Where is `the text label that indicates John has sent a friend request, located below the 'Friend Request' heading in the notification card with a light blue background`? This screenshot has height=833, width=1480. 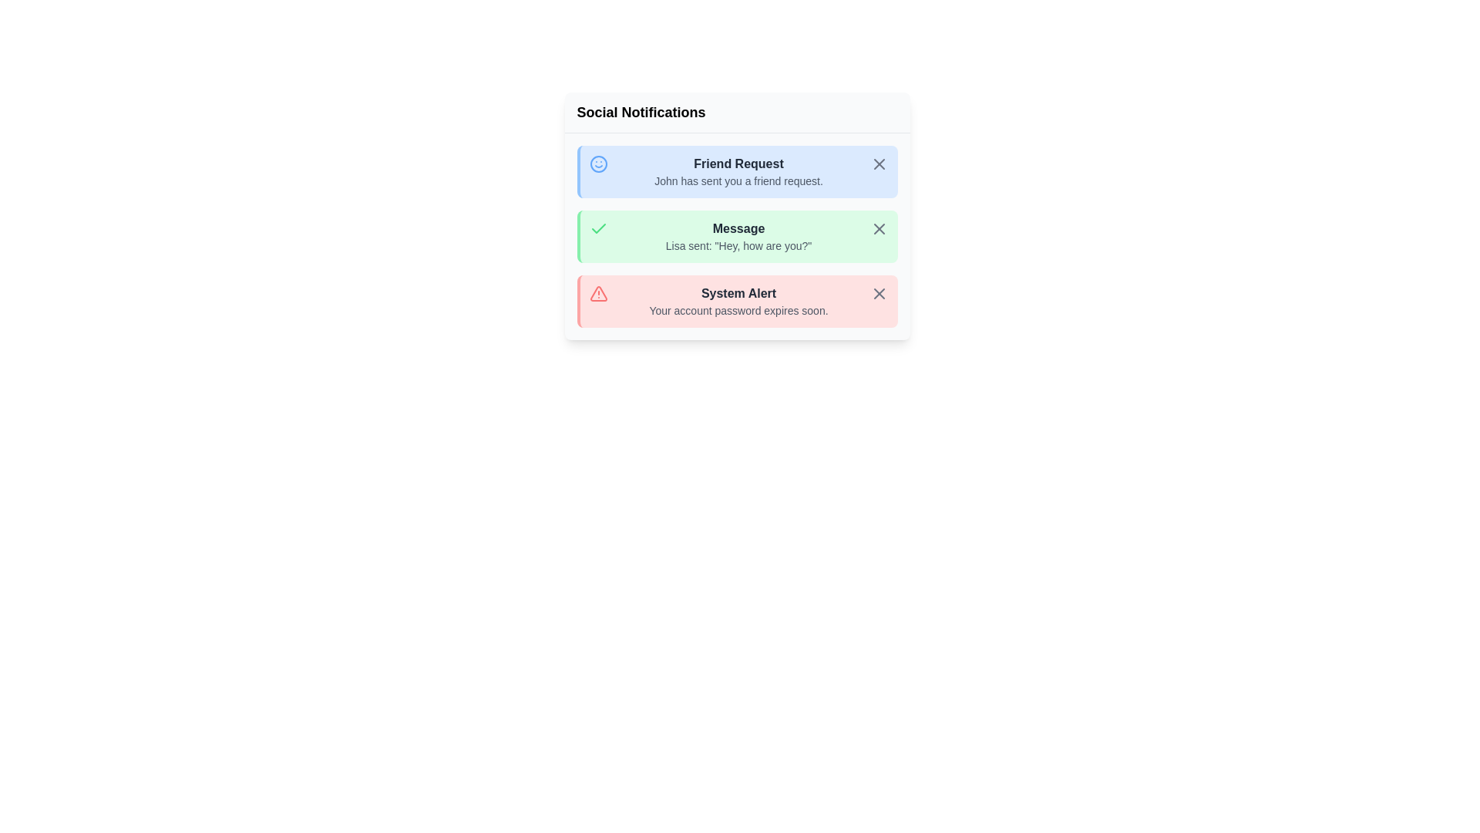
the text label that indicates John has sent a friend request, located below the 'Friend Request' heading in the notification card with a light blue background is located at coordinates (738, 180).